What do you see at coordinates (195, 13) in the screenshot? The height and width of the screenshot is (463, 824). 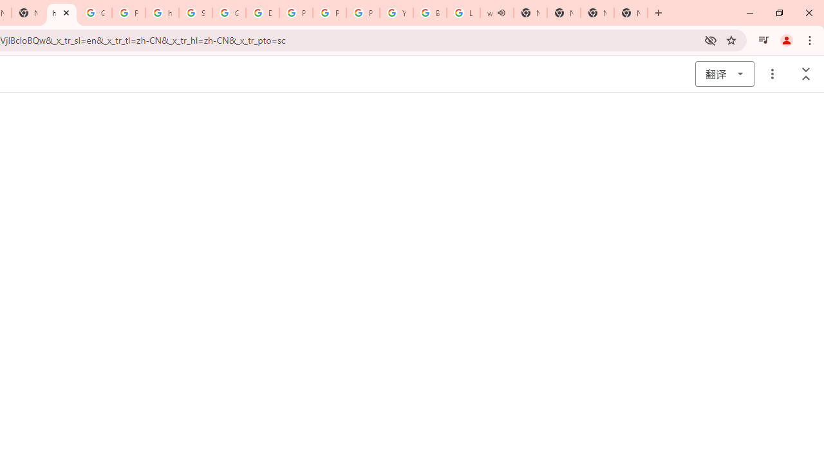 I see `'Sign in - Google Accounts'` at bounding box center [195, 13].